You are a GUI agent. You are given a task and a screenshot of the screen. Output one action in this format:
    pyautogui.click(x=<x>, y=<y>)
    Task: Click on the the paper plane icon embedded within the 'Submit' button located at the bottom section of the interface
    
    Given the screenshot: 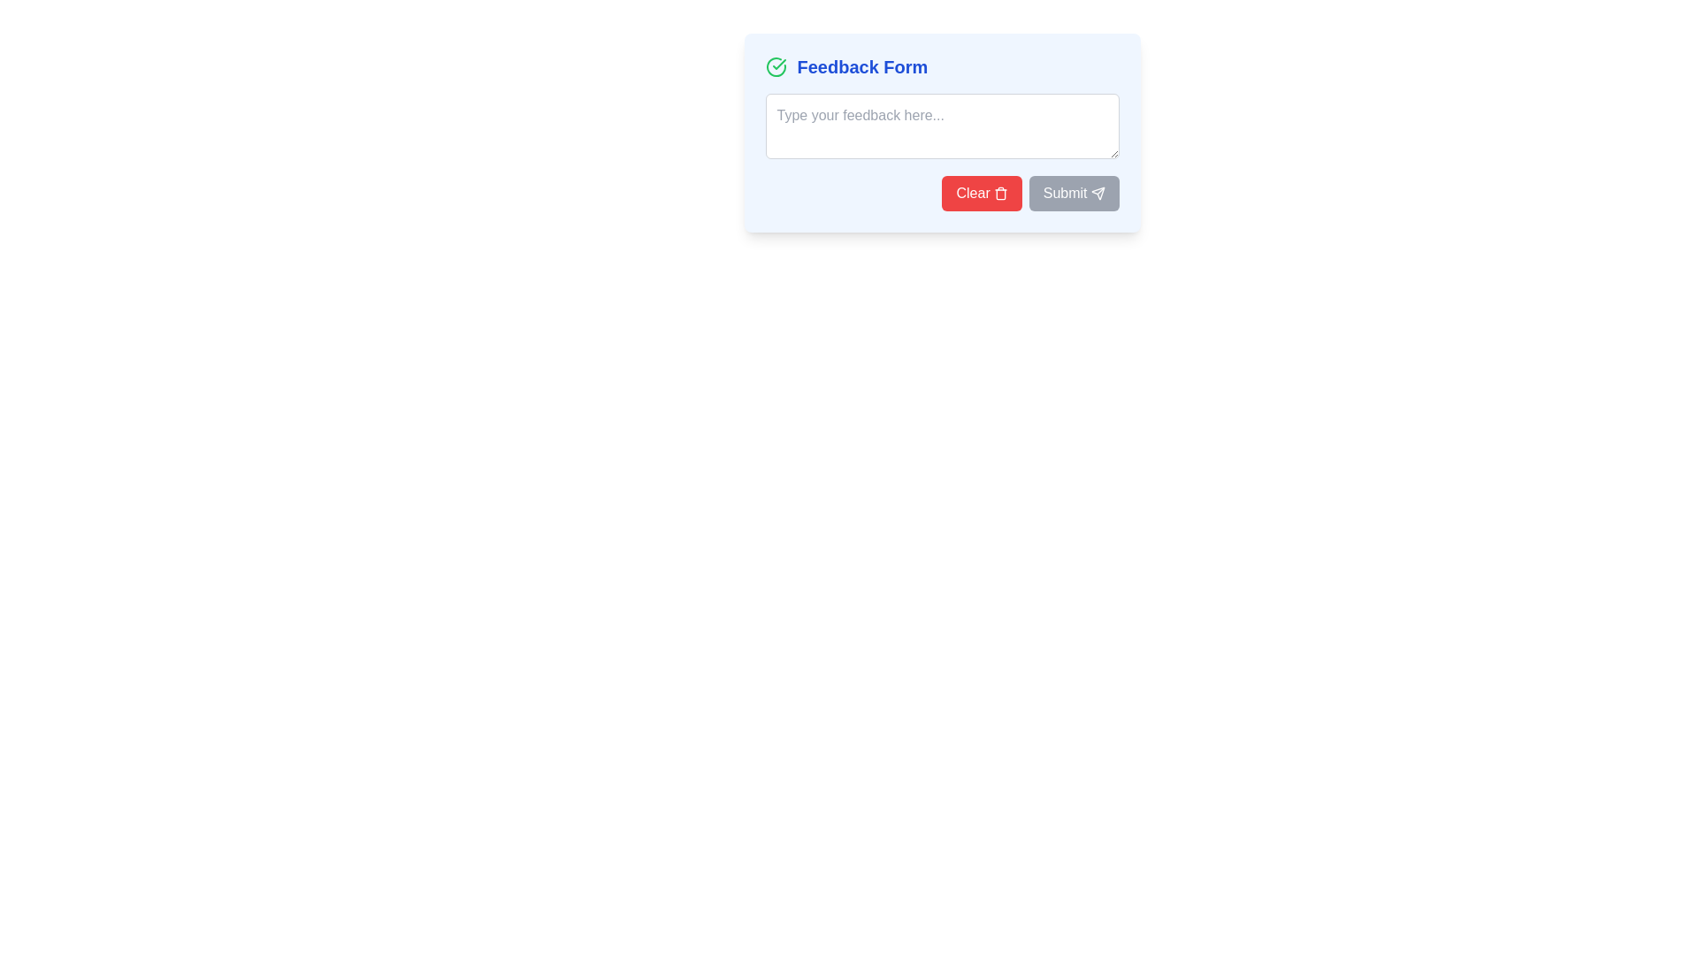 What is the action you would take?
    pyautogui.click(x=1097, y=194)
    